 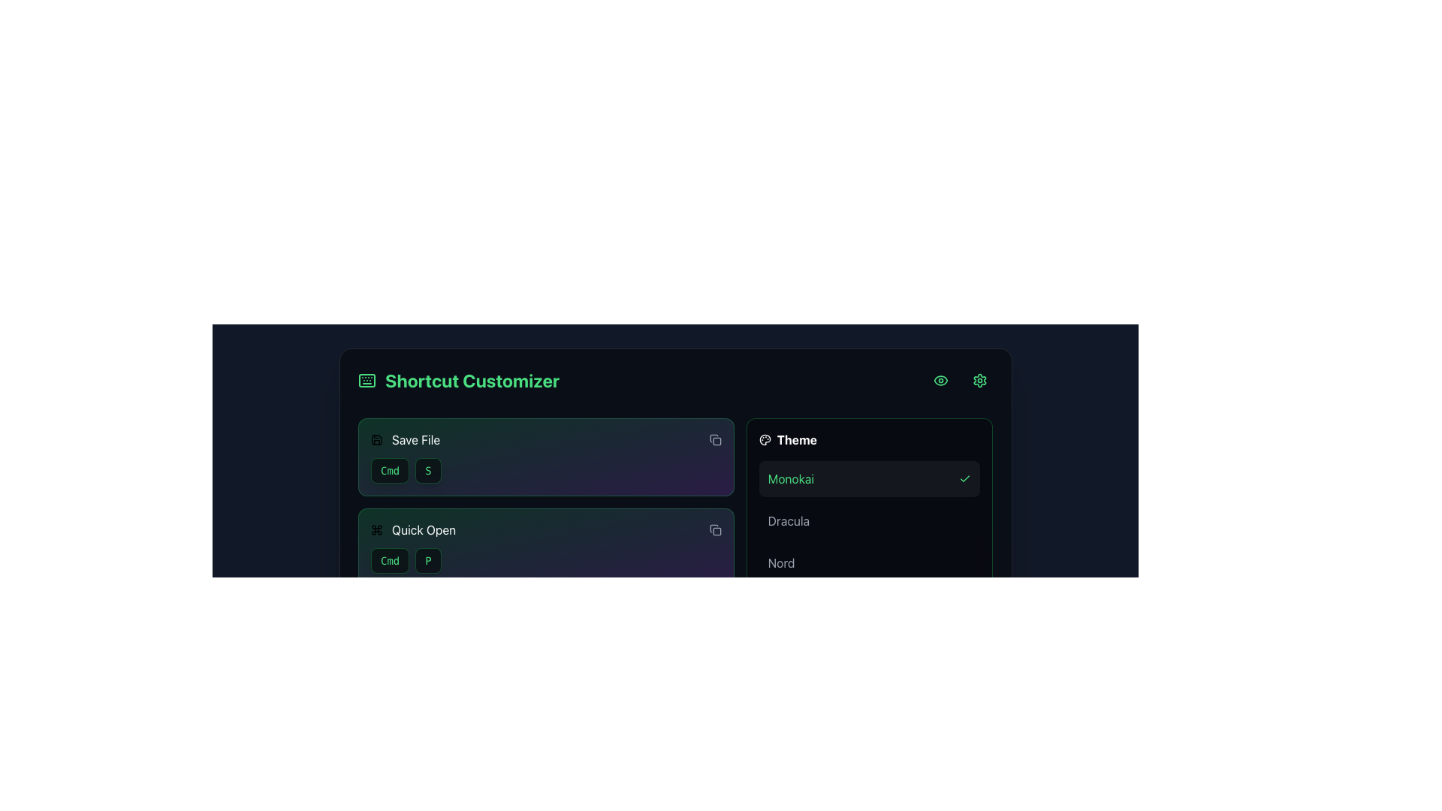 I want to click on the 'S' text label within the styled box, which is part of a keyboard shortcut for saving a file, positioned to the right of the 'Cmd' box, so click(x=427, y=470).